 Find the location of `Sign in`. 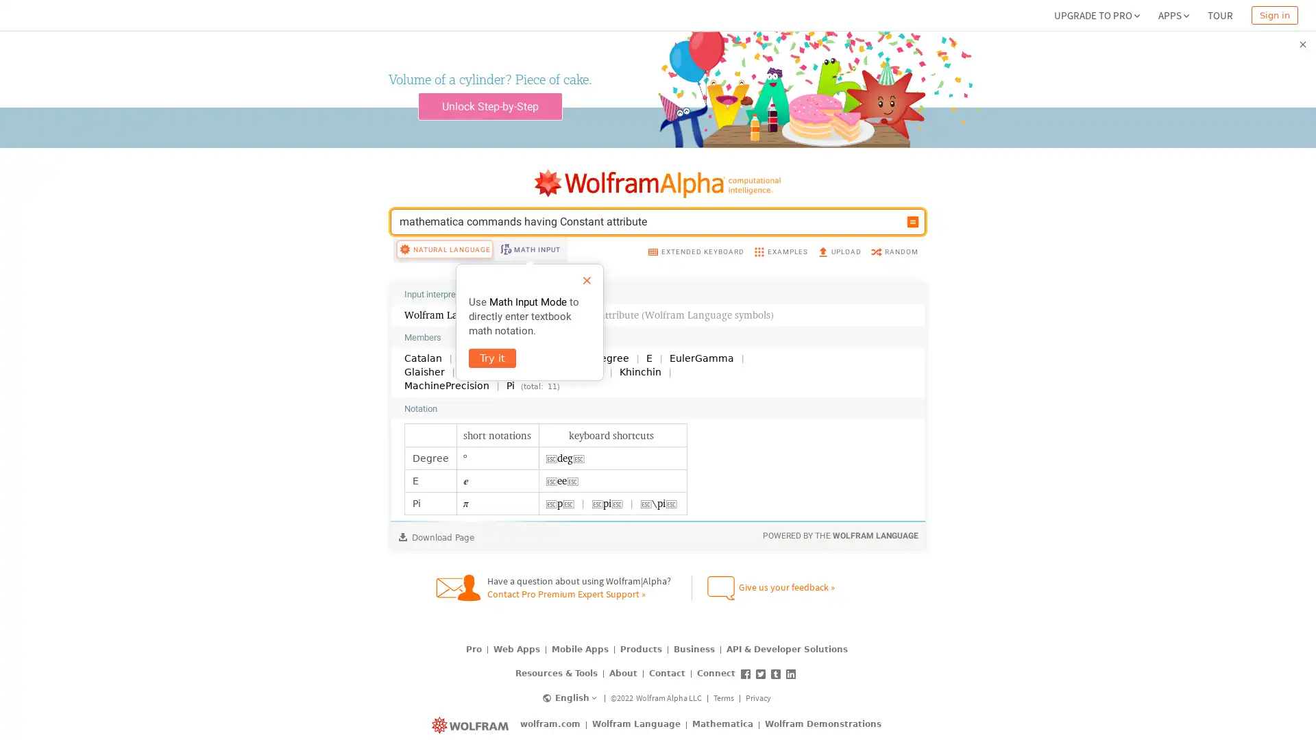

Sign in is located at coordinates (1274, 15).